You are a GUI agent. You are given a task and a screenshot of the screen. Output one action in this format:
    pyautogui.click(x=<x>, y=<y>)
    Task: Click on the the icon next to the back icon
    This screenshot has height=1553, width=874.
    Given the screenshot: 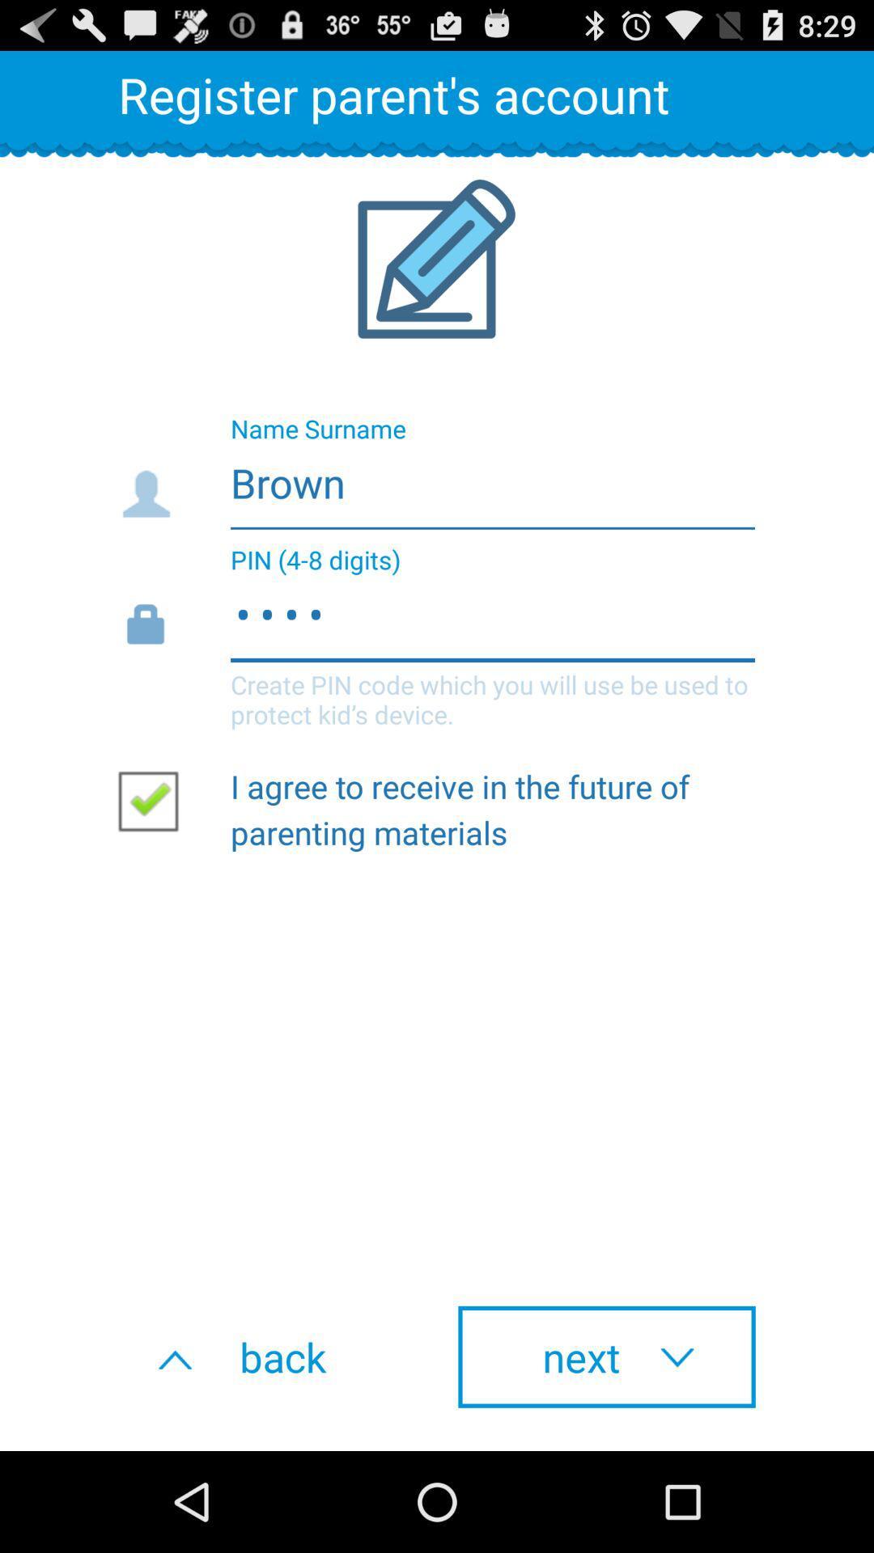 What is the action you would take?
    pyautogui.click(x=606, y=1356)
    